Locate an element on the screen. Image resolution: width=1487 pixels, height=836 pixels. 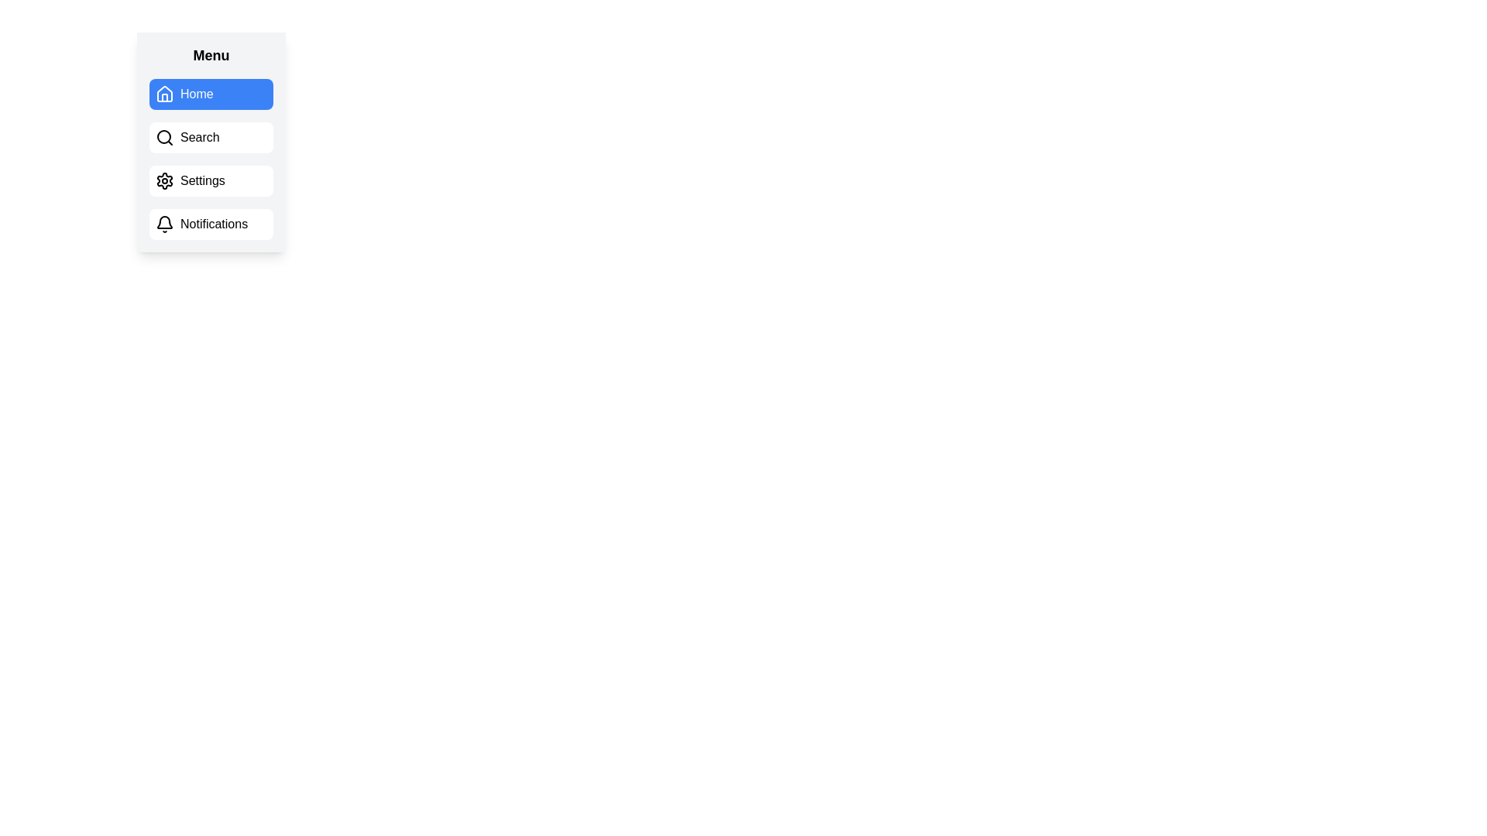
the 'Search' button located in the sidebar menu, which is the second button from the top is located at coordinates (211, 136).